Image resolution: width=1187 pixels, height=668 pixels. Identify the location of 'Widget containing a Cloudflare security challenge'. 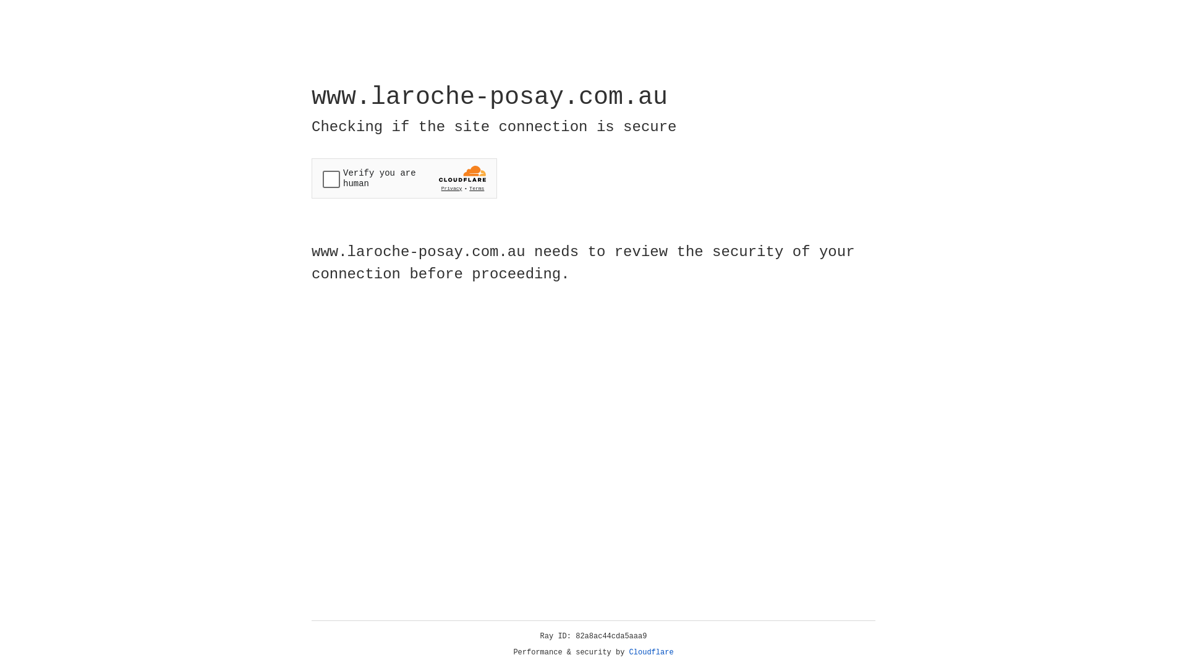
(404, 178).